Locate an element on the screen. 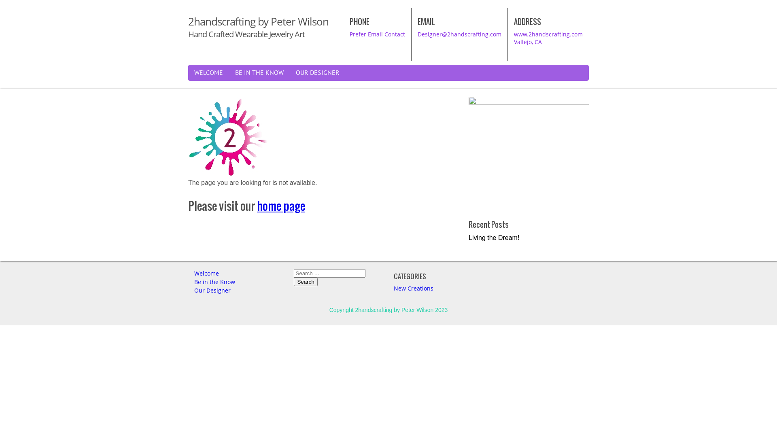 This screenshot has height=437, width=777. 'BE IN THE KNOW' is located at coordinates (259, 73).